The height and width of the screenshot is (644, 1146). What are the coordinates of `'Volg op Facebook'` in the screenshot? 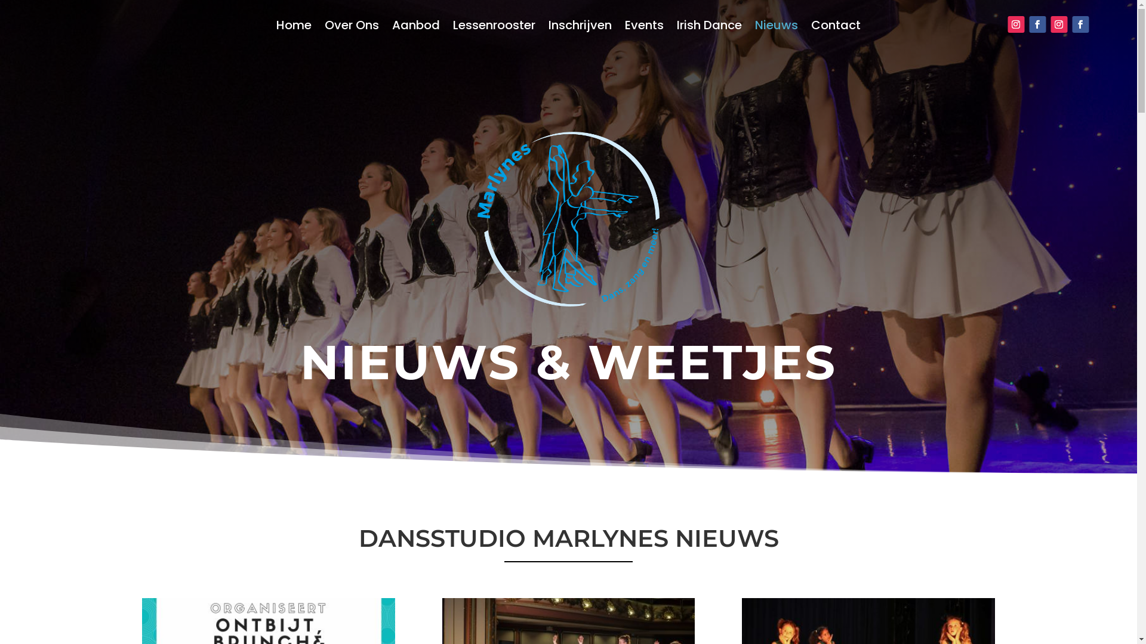 It's located at (1028, 24).